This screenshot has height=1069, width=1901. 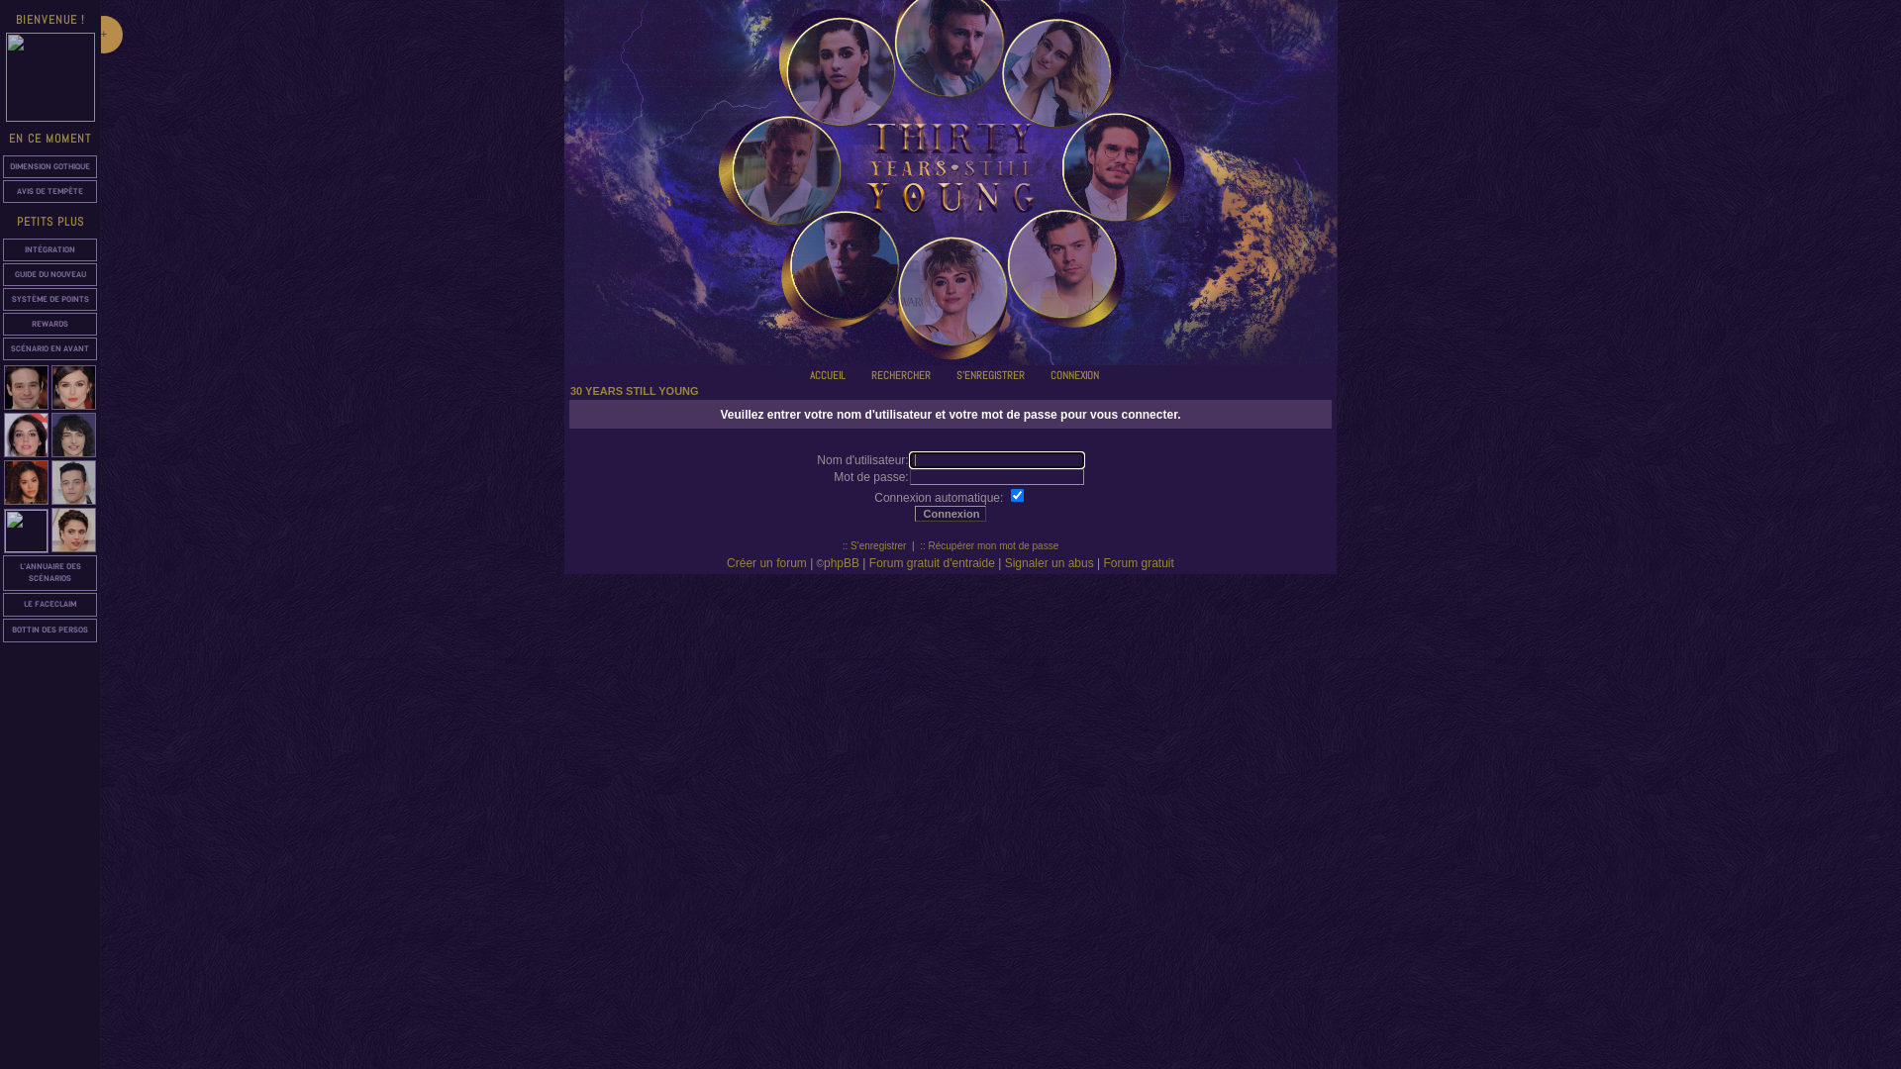 What do you see at coordinates (931, 563) in the screenshot?
I see `'Forum gratuit d'entraide'` at bounding box center [931, 563].